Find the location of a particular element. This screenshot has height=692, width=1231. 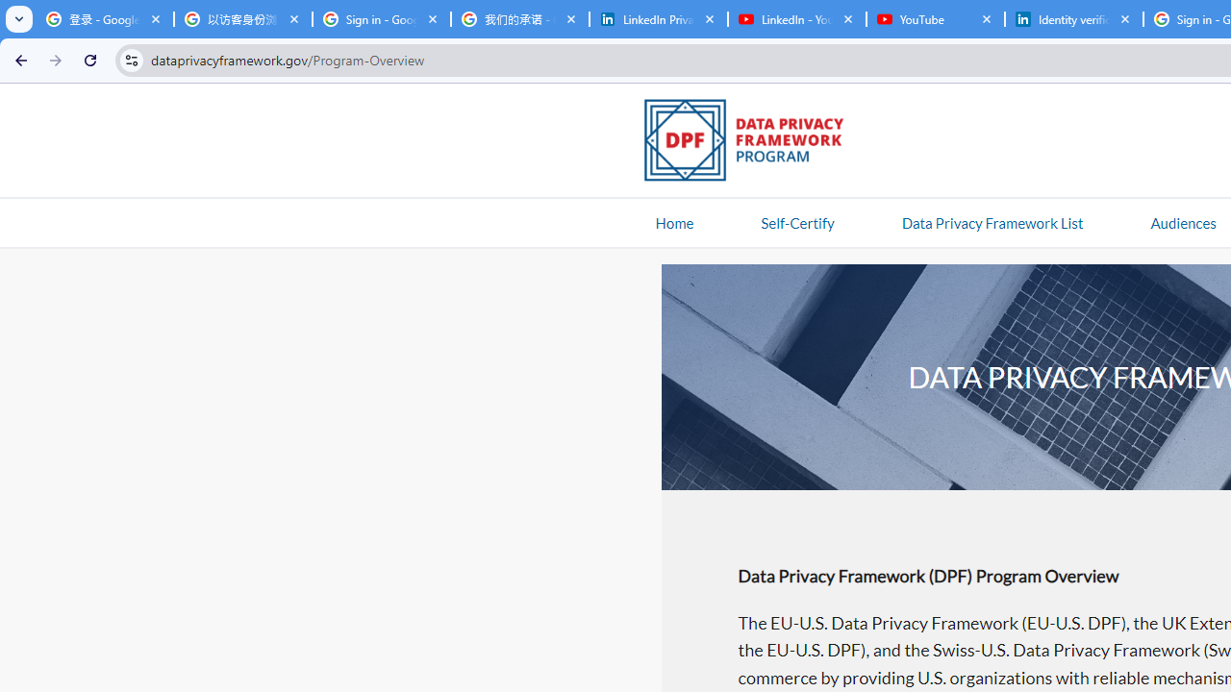

'Sign in - Google Accounts' is located at coordinates (381, 19).